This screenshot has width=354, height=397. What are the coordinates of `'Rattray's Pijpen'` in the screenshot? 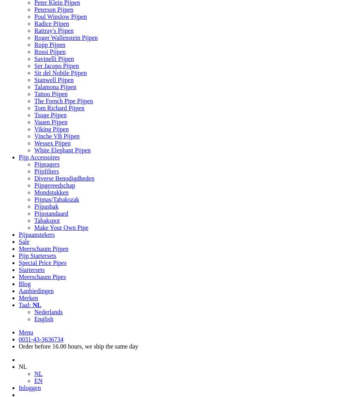 It's located at (54, 30).